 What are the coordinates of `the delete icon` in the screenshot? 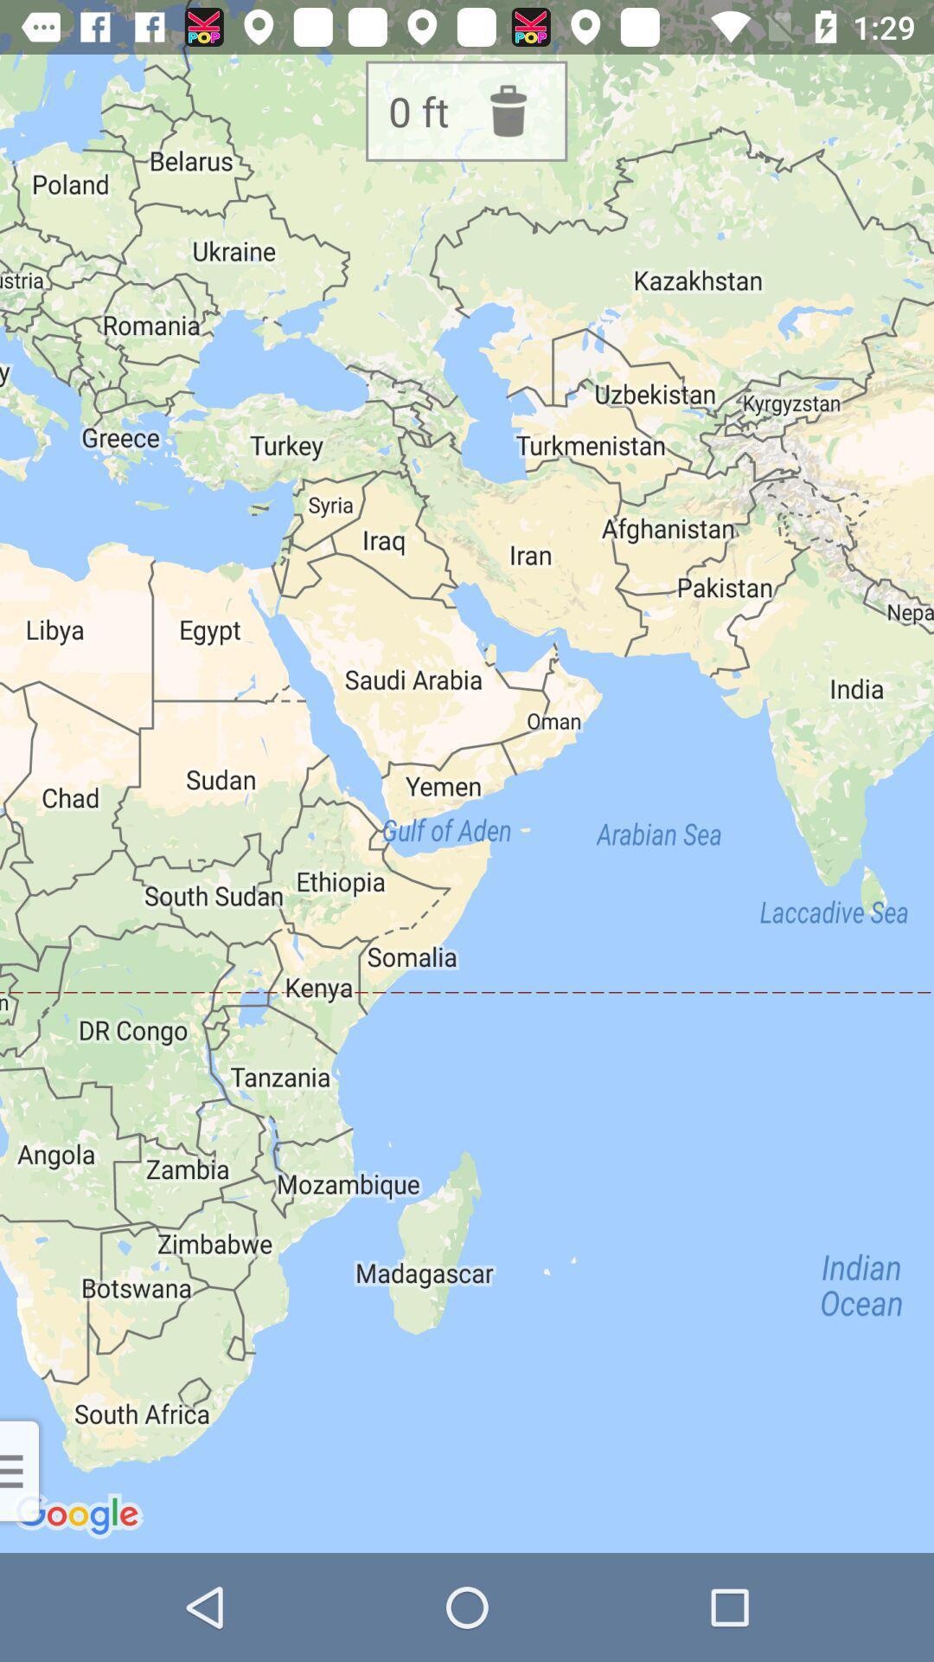 It's located at (519, 110).